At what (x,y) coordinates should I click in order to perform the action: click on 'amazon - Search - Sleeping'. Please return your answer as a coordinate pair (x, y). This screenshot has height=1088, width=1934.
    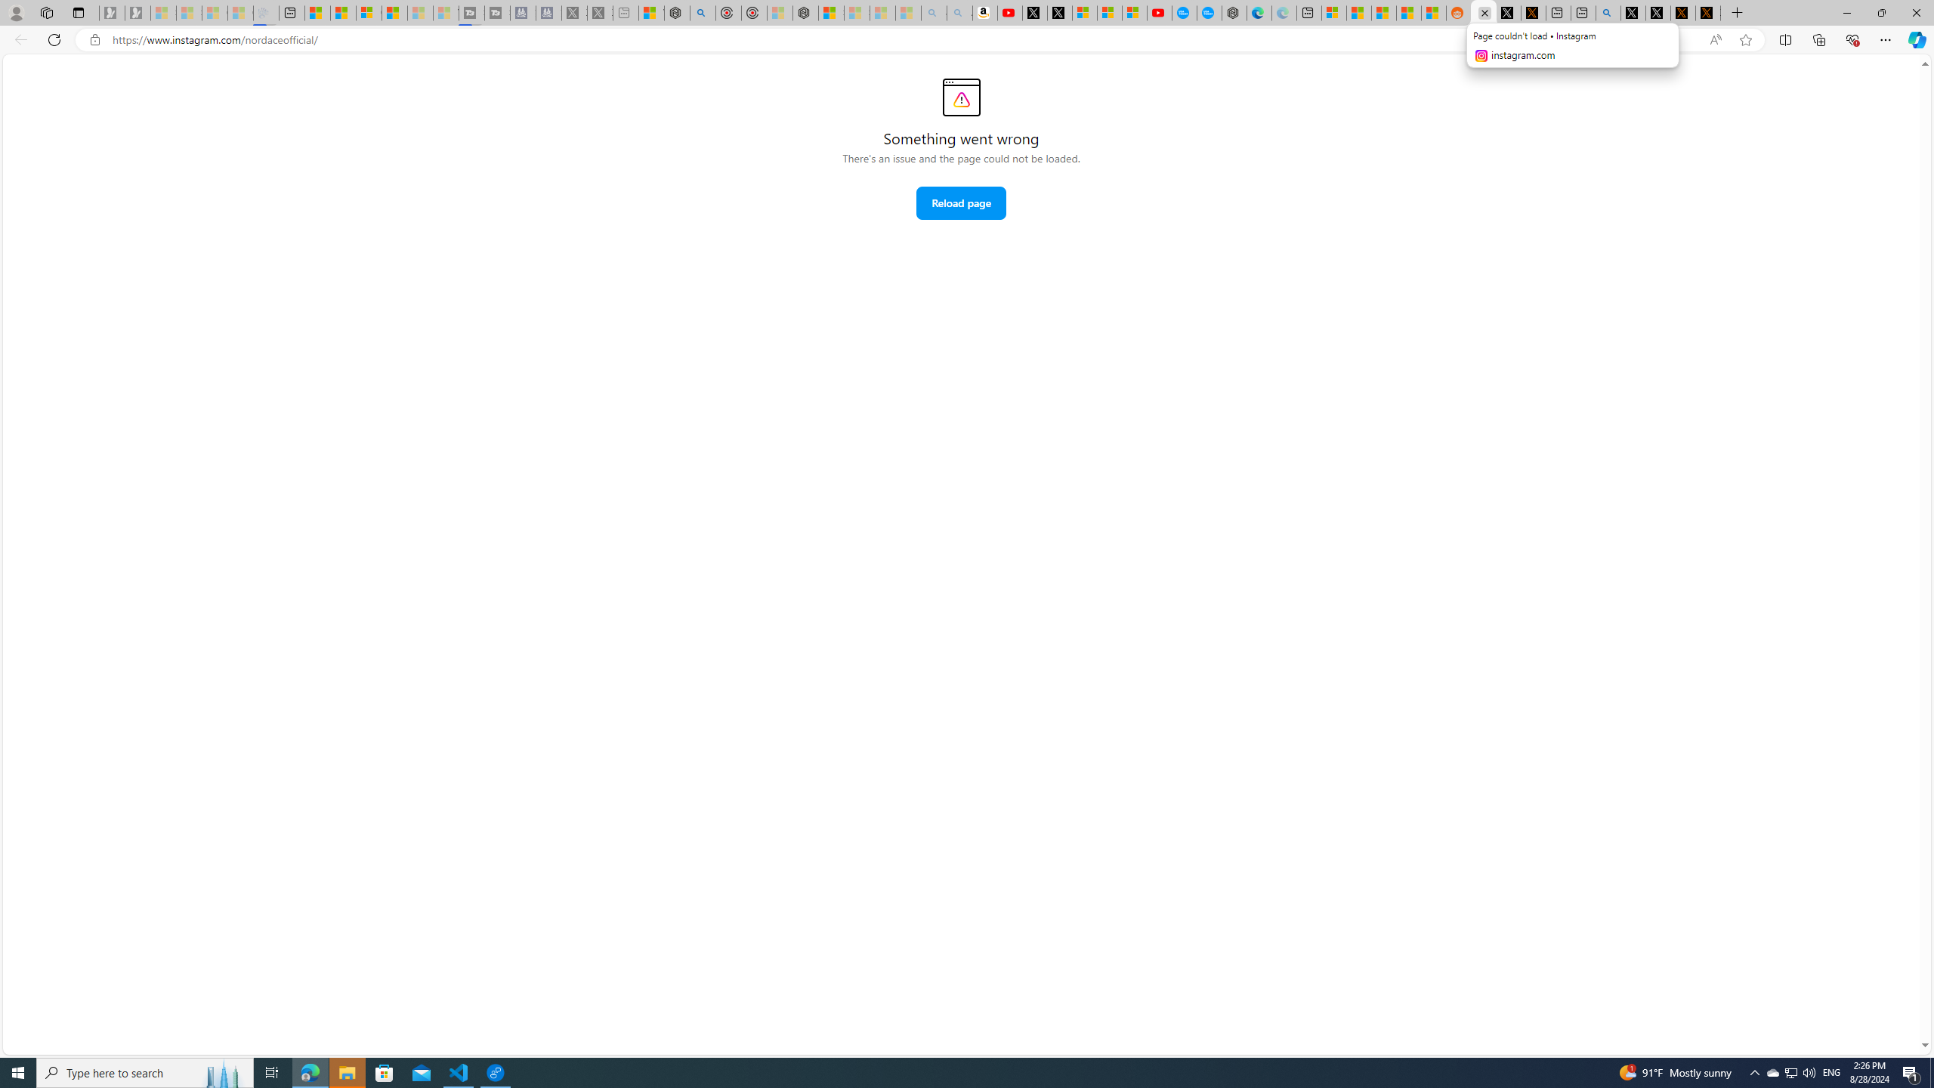
    Looking at the image, I should click on (933, 12).